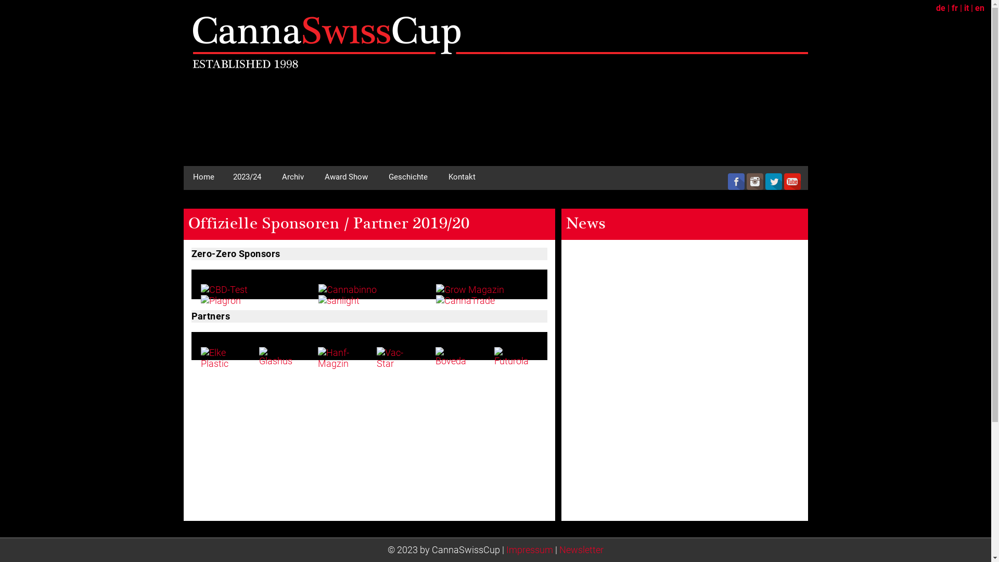  What do you see at coordinates (754, 181) in the screenshot?
I see `'instagram'` at bounding box center [754, 181].